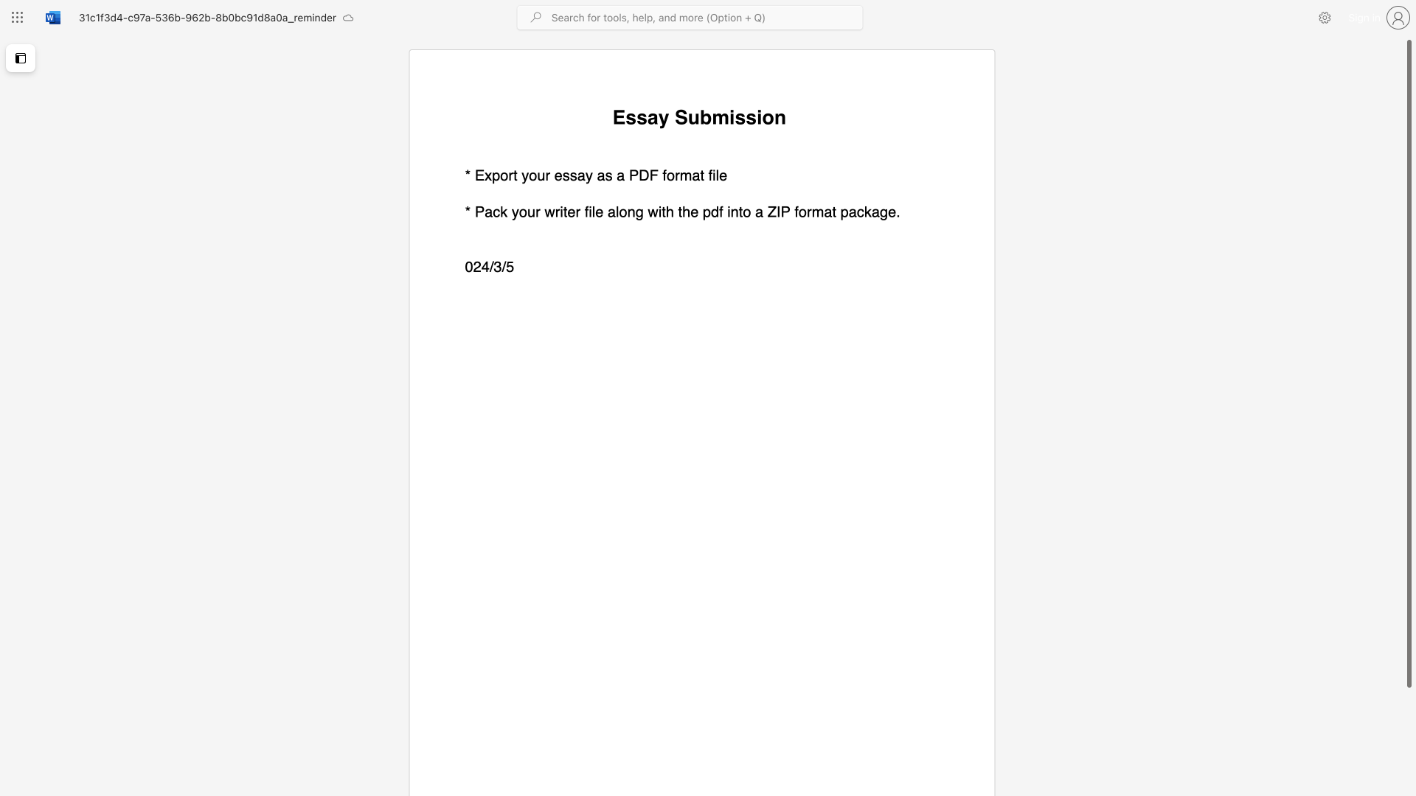 The image size is (1416, 796). What do you see at coordinates (678, 175) in the screenshot?
I see `the subset text "ma" within the text "a PDF format"` at bounding box center [678, 175].